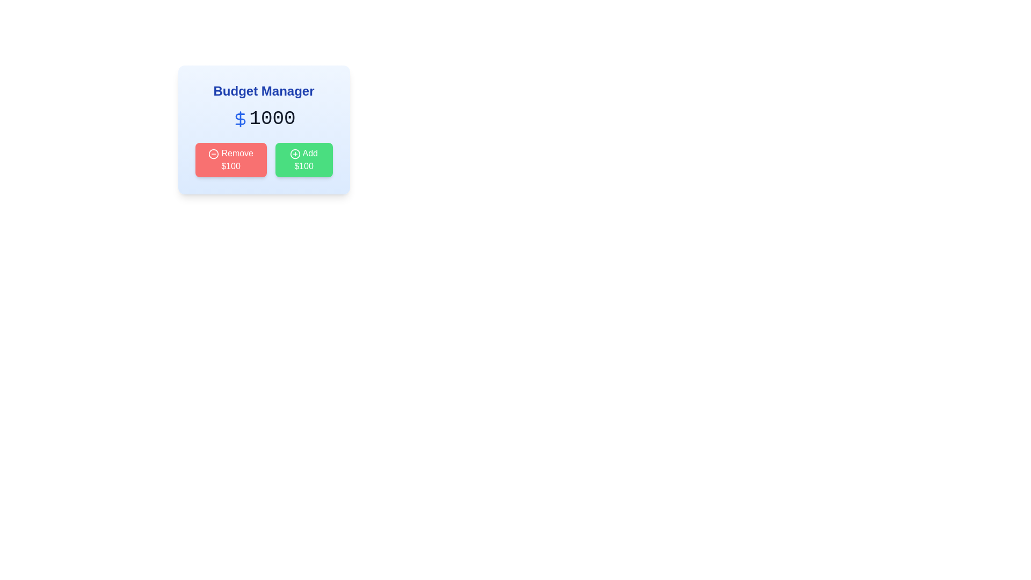 This screenshot has width=1031, height=580. Describe the element at coordinates (295, 154) in the screenshot. I see `the circular icon with a plus sign inside it, which is located in the center-left of the 'Add $100' button with a green background` at that location.